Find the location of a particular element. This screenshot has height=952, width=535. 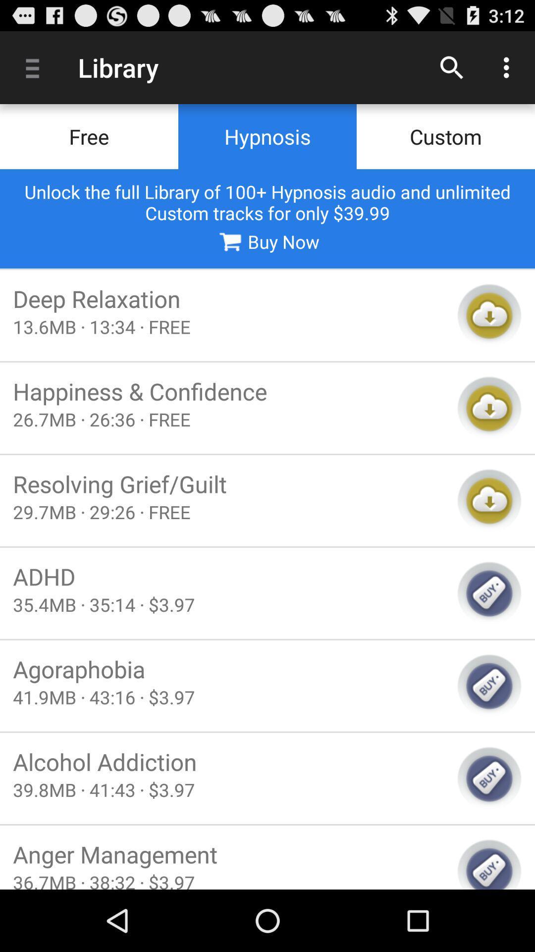

buy option is located at coordinates (489, 863).